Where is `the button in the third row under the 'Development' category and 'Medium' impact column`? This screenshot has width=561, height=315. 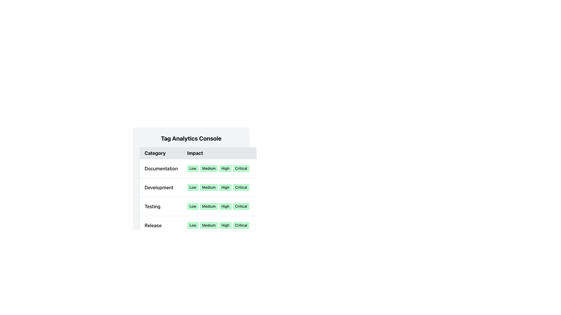
the button in the third row under the 'Development' category and 'Medium' impact column is located at coordinates (210, 191).